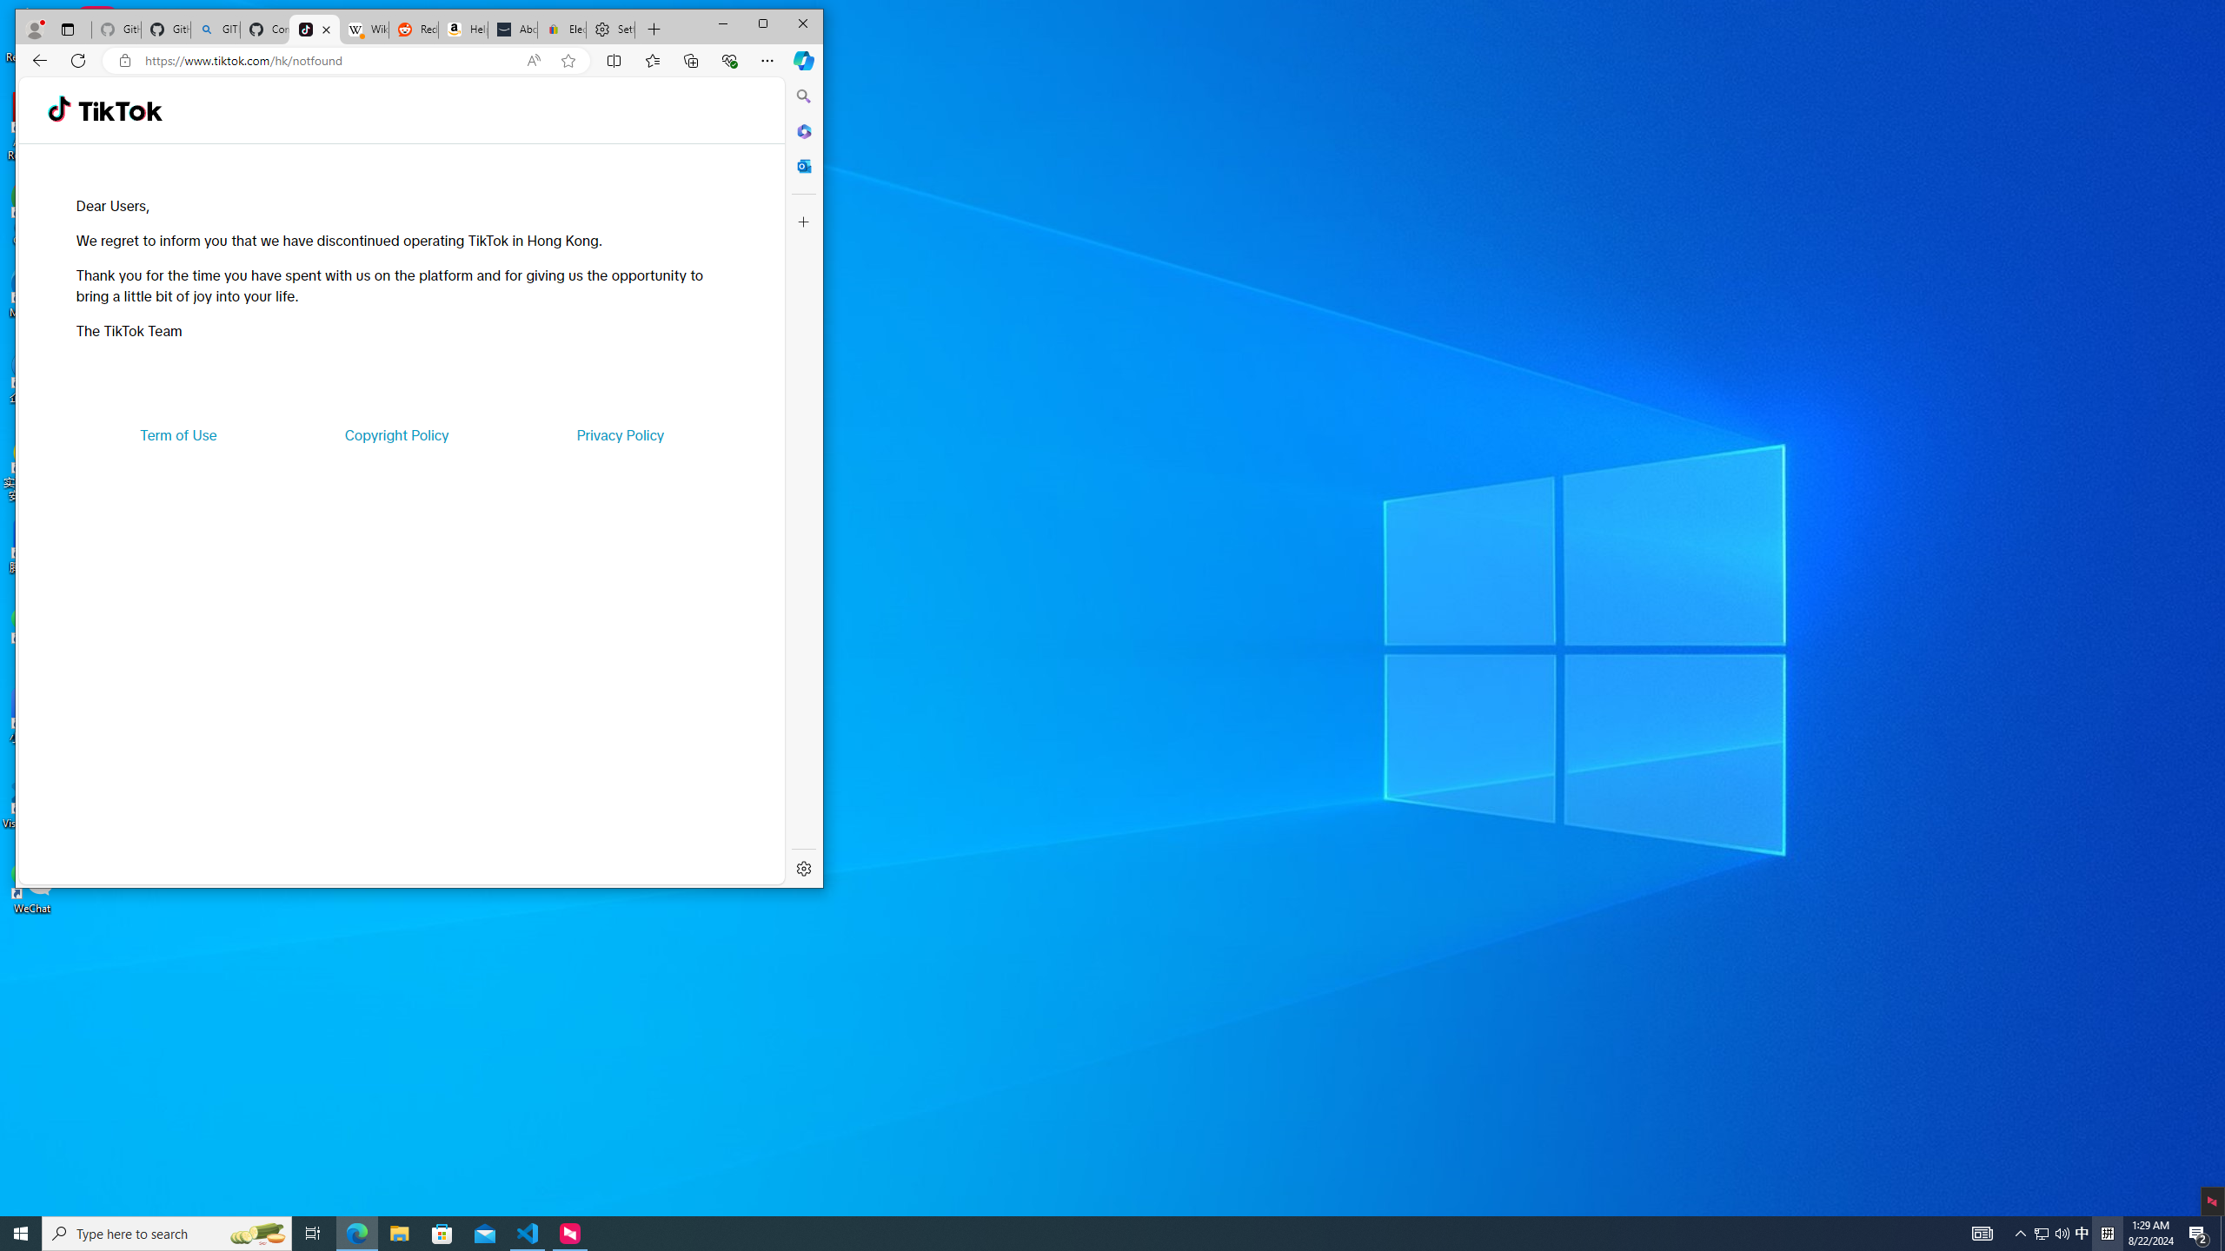 The image size is (2225, 1251). I want to click on 'About Amazon', so click(513, 30).